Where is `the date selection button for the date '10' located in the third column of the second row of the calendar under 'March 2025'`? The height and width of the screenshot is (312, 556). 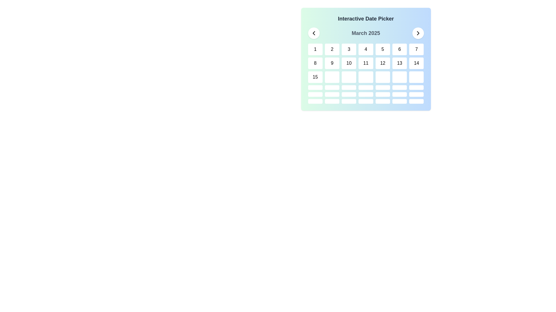 the date selection button for the date '10' located in the third column of the second row of the calendar under 'March 2025' is located at coordinates (349, 63).